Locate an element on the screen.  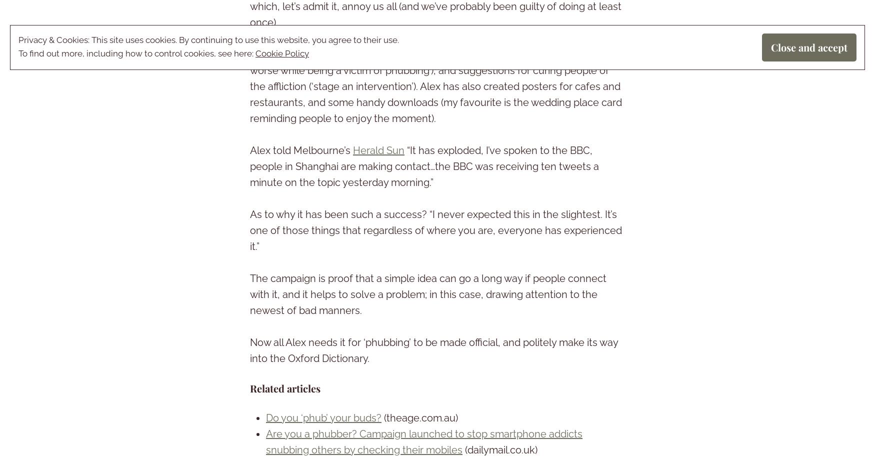
'To find out more, including how to control cookies, see here:' is located at coordinates (136, 53).